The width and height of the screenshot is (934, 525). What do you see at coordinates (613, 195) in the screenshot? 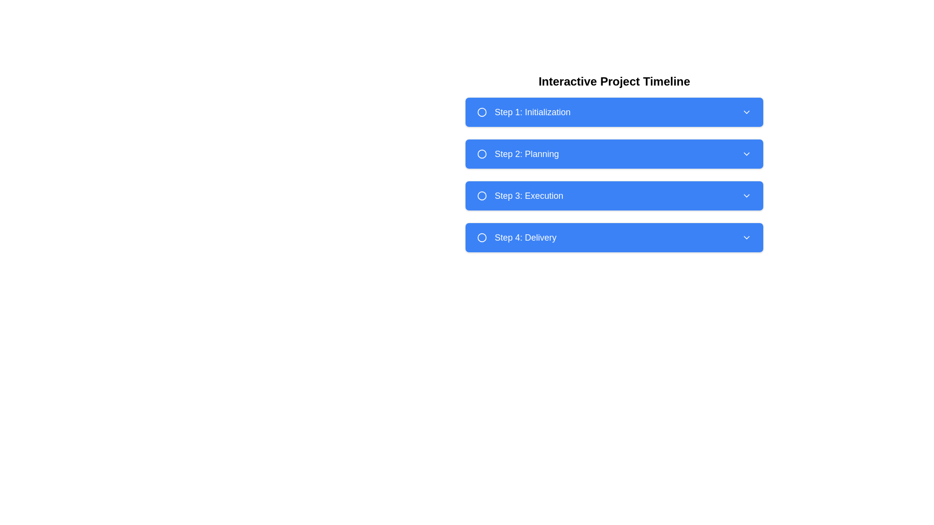
I see `the 'Execution' button, which is the third item in the vertical sequence of buttons in the interactive project timeline` at bounding box center [613, 195].